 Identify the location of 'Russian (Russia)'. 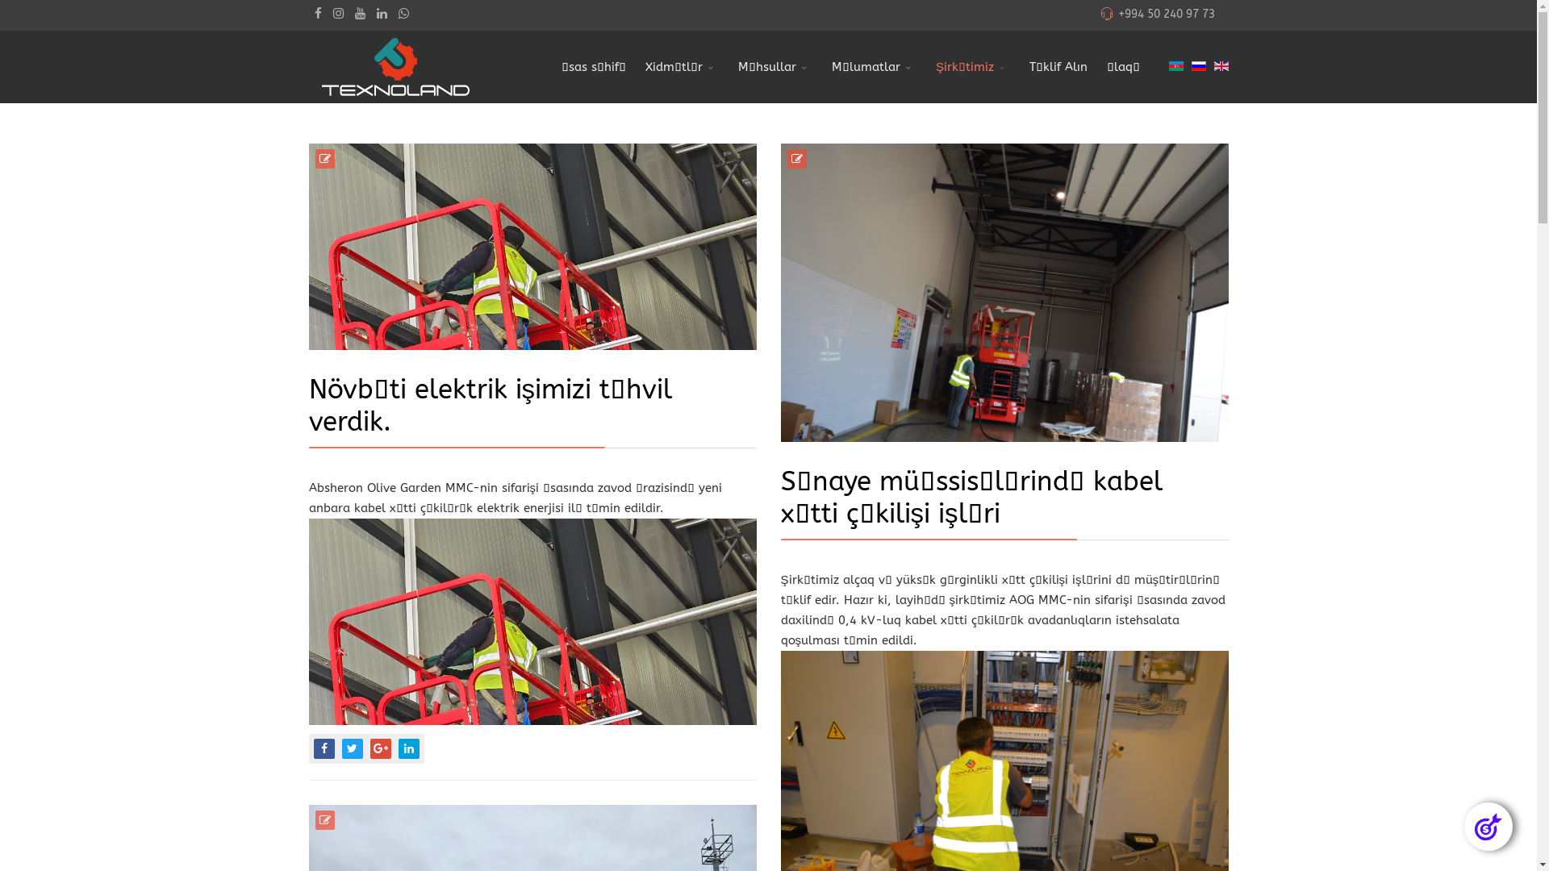
(1197, 65).